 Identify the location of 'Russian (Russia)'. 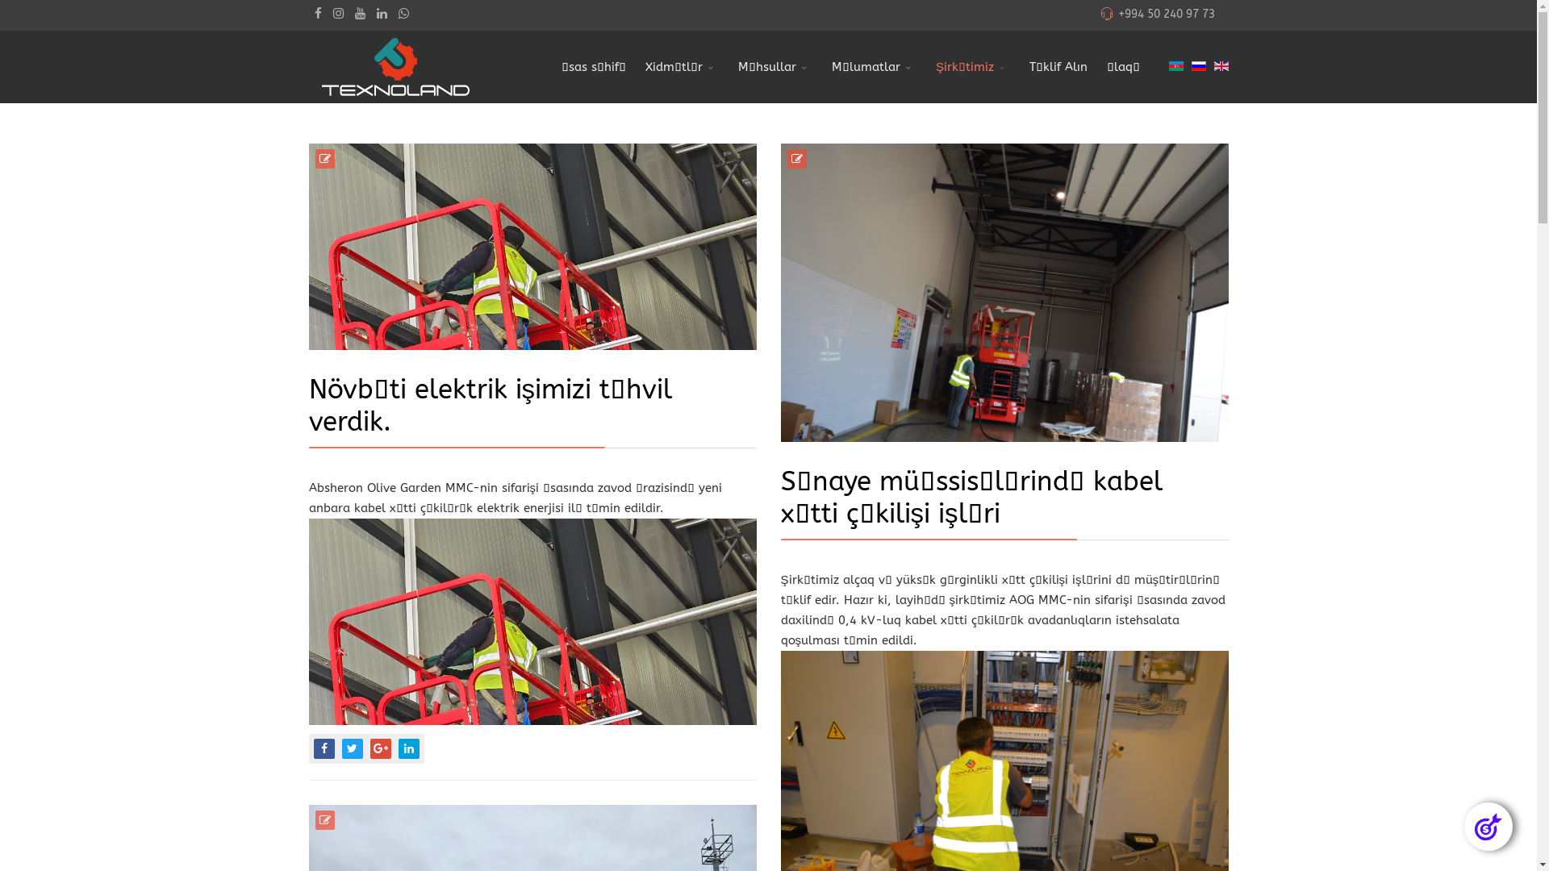
(1197, 65).